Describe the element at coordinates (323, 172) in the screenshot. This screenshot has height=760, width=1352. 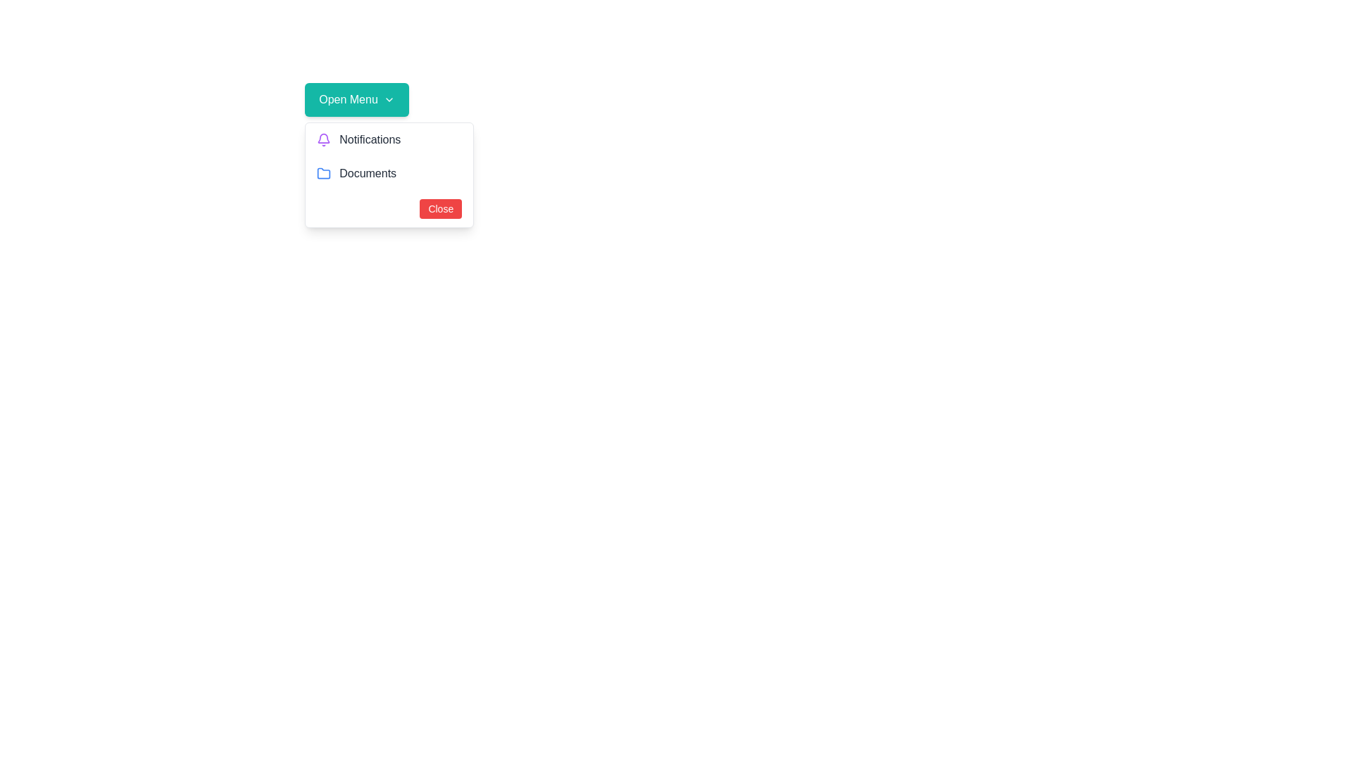
I see `the blue folder-shaped icon located in the dropdown menu near the top of the list` at that location.